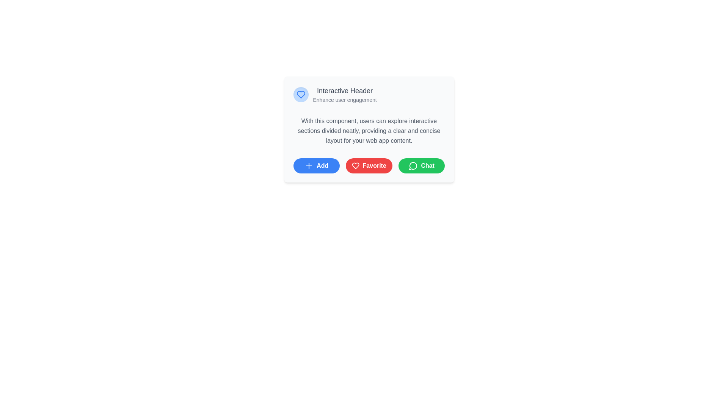 This screenshot has height=409, width=728. I want to click on the heart icon representing the 'favorite' functionality located under the 'Interactive Header' label, so click(300, 94).